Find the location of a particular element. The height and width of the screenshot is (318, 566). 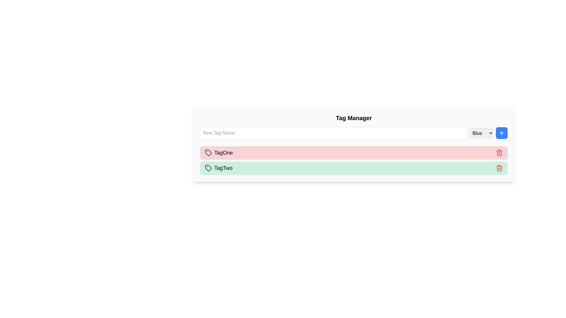

the dropdown menu located next to the 'New Tag Name' text input field is located at coordinates (481, 133).